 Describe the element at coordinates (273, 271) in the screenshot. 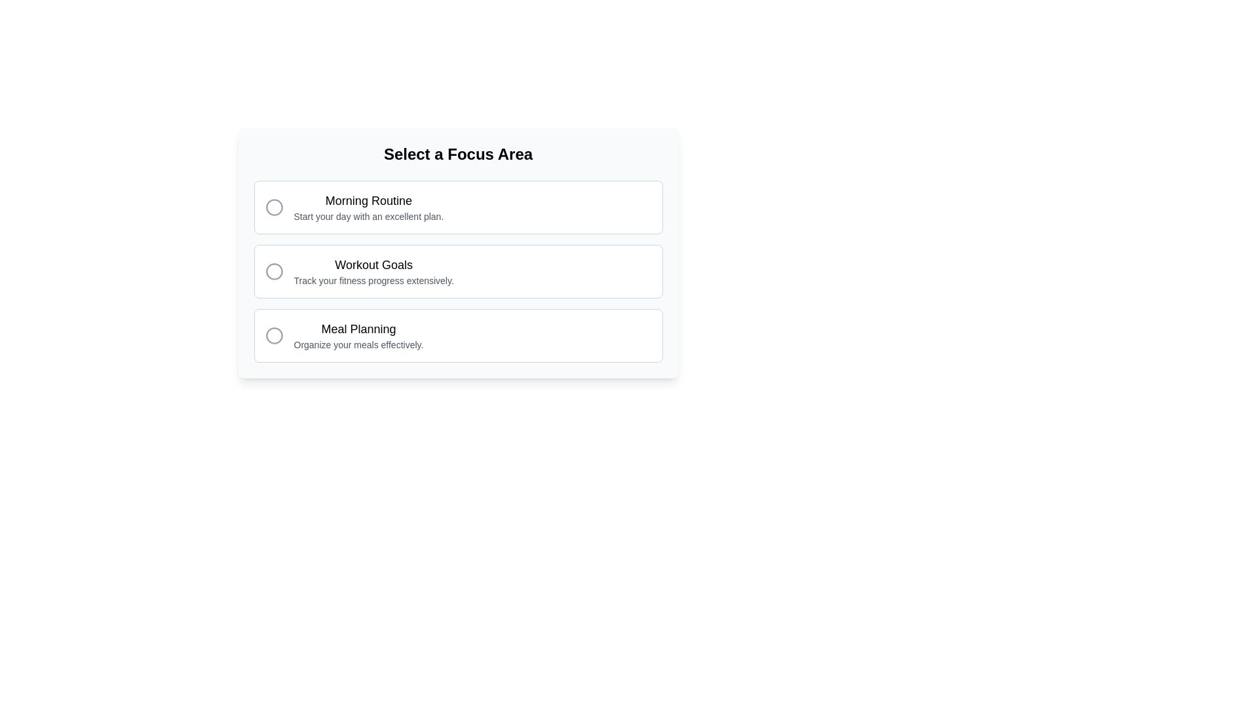

I see `the inner circle of the radio button for the 'Workout Goals' option` at that location.